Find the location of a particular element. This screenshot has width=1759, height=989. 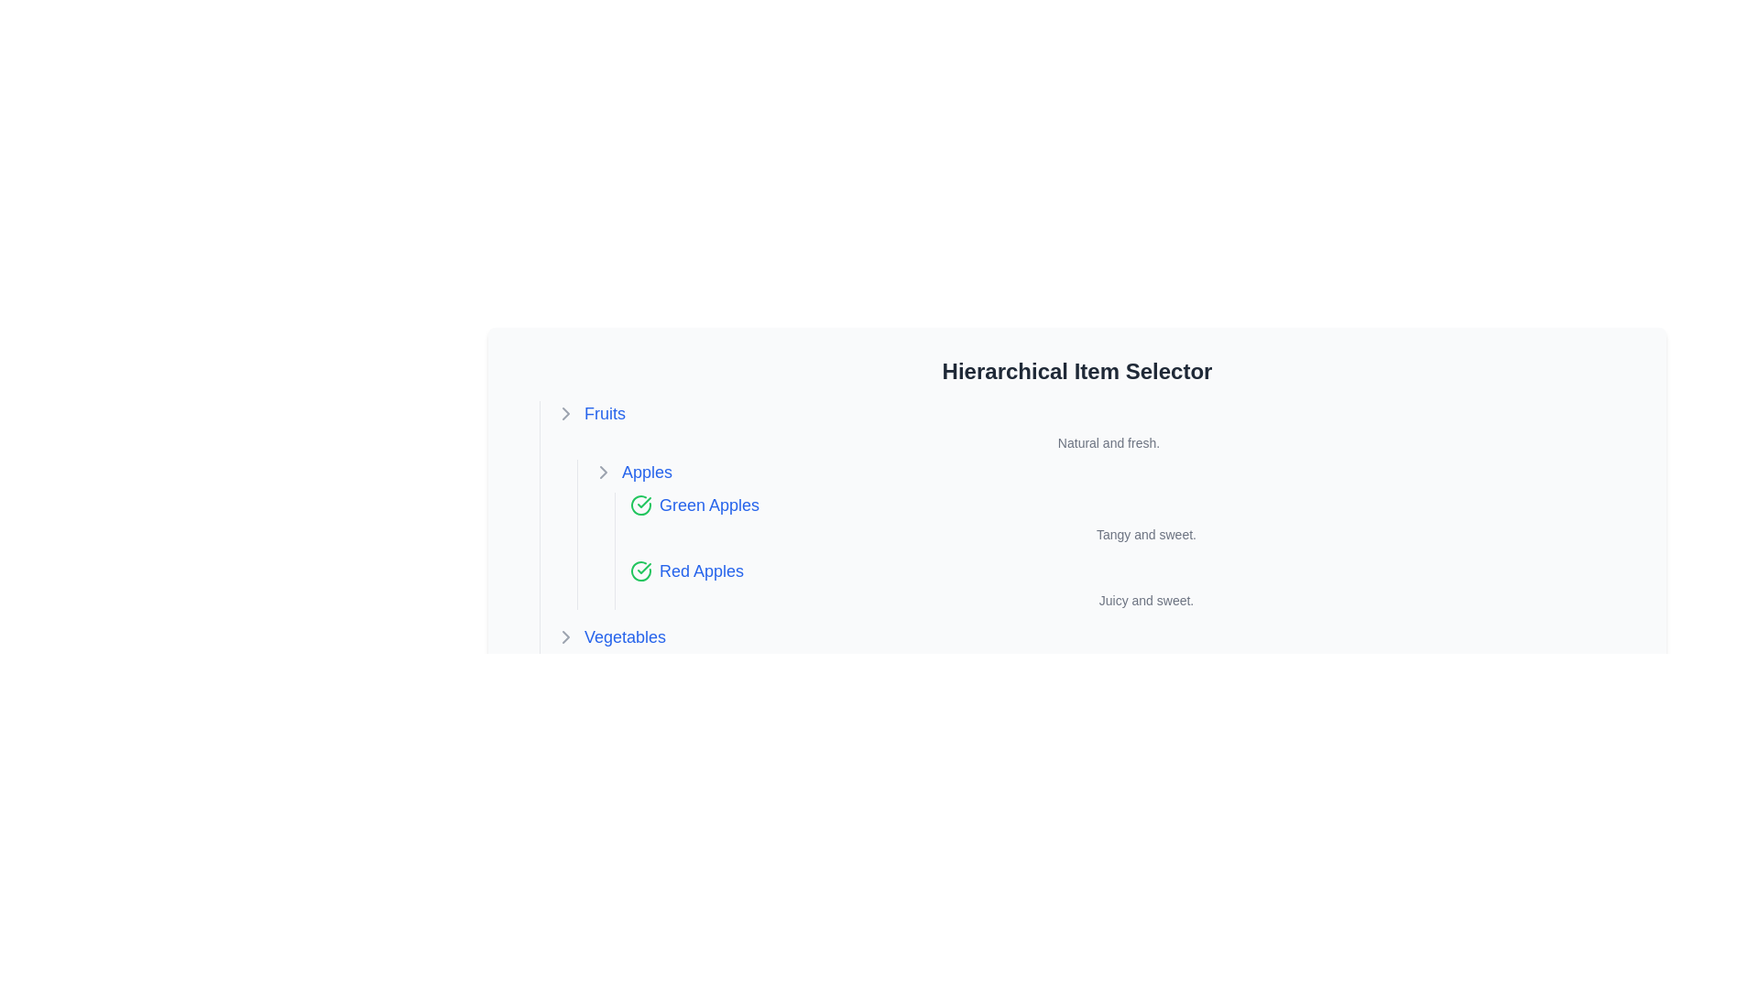

the text label representing 'Green Apples' is located at coordinates (708, 505).